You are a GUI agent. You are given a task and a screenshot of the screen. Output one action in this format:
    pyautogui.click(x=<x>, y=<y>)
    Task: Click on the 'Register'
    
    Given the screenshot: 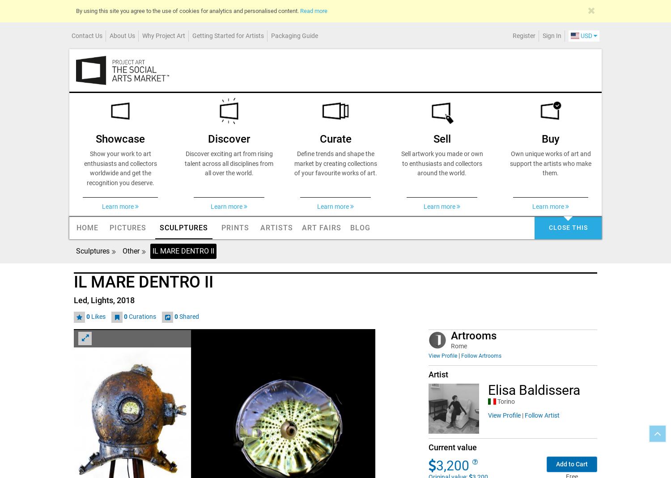 What is the action you would take?
    pyautogui.click(x=513, y=34)
    